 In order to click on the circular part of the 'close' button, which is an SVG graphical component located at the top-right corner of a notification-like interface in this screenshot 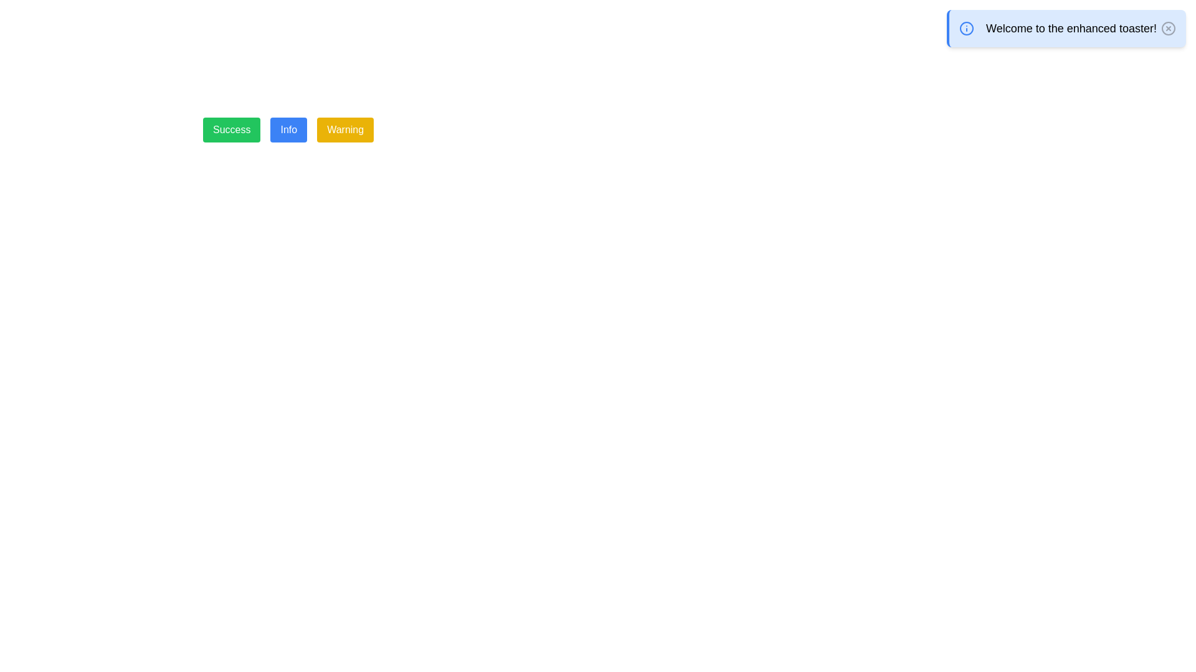, I will do `click(1168, 28)`.